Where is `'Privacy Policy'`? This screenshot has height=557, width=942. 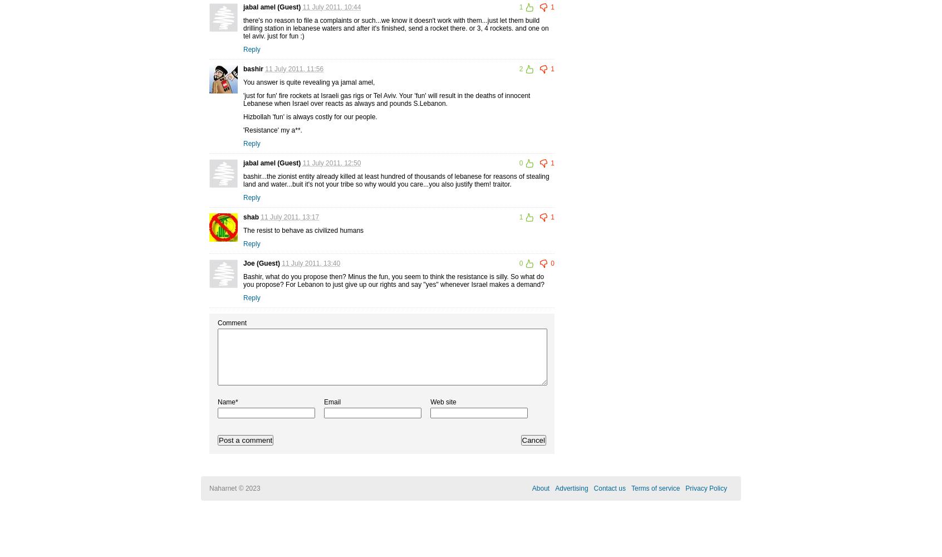
'Privacy Policy' is located at coordinates (706, 488).